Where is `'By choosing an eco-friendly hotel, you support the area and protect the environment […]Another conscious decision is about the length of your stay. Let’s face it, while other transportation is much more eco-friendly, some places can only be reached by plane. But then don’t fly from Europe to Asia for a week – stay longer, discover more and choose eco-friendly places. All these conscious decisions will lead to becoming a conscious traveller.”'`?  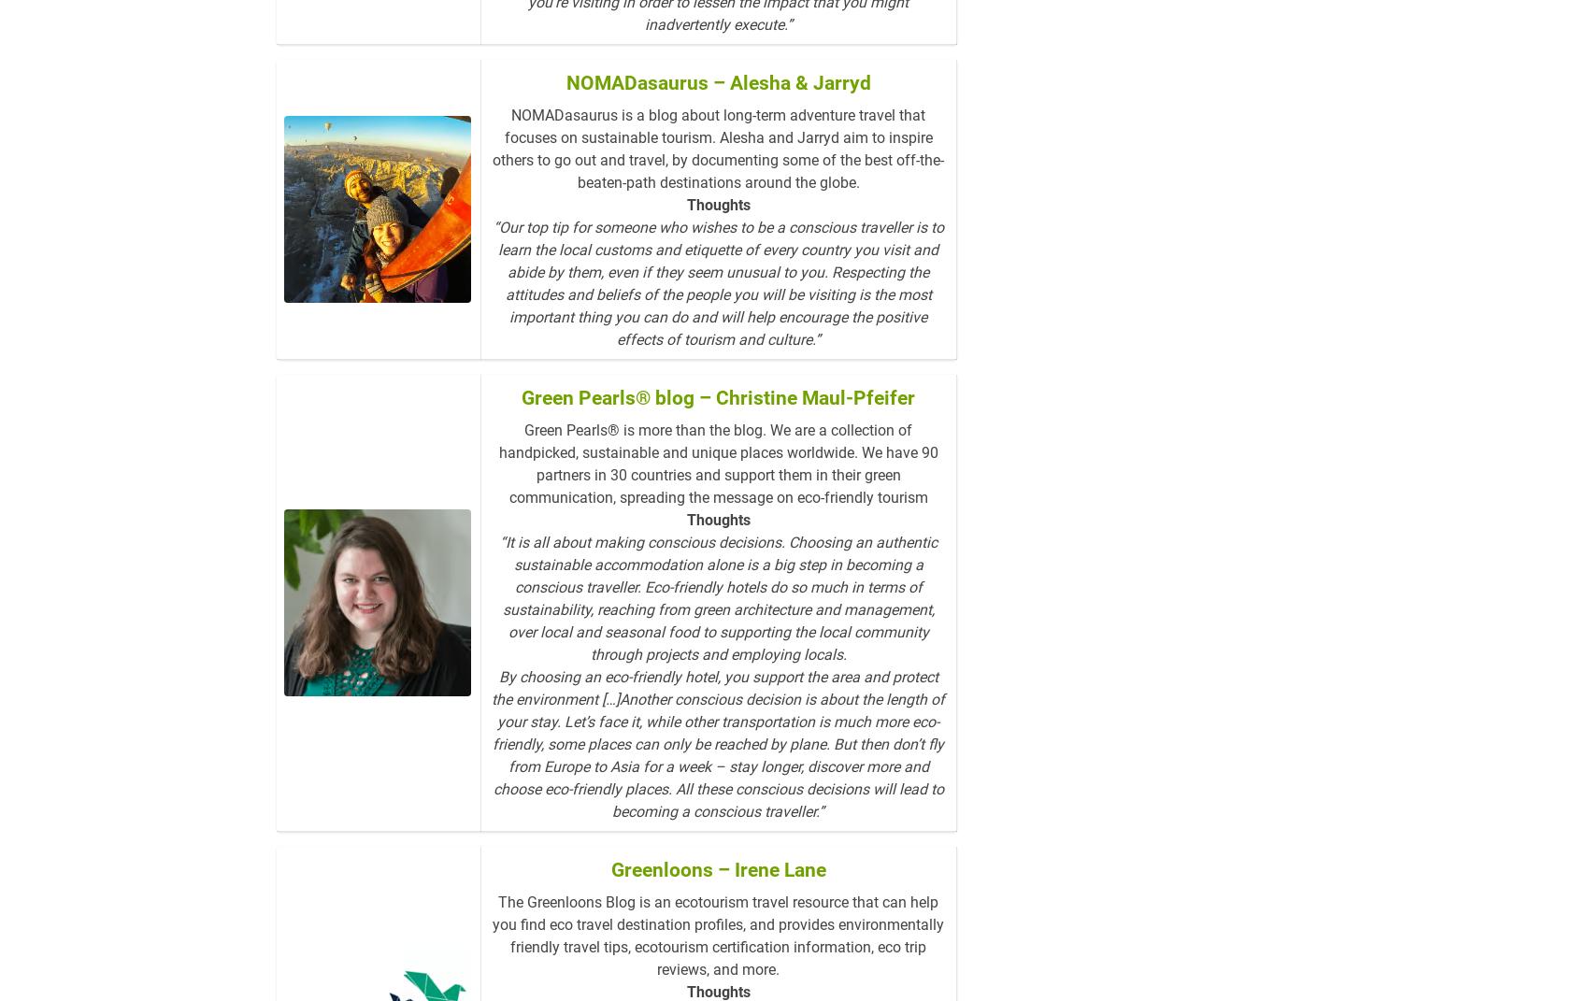
'By choosing an eco-friendly hotel, you support the area and protect the environment […]Another conscious decision is about the length of your stay. Let’s face it, while other transportation is much more eco-friendly, some places can only be reached by plane. But then don’t fly from Europe to Asia for a week – stay longer, discover more and choose eco-friendly places. All these conscious decisions will lead to becoming a conscious traveller.”' is located at coordinates (717, 743).